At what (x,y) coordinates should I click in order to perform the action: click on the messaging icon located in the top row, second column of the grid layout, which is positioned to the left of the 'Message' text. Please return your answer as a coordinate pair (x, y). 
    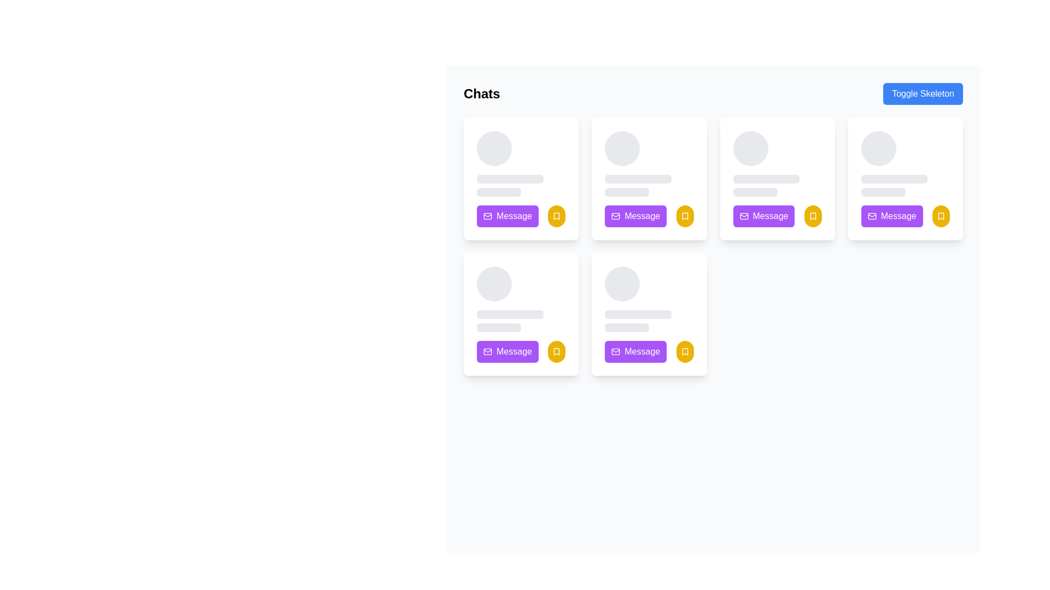
    Looking at the image, I should click on (616, 216).